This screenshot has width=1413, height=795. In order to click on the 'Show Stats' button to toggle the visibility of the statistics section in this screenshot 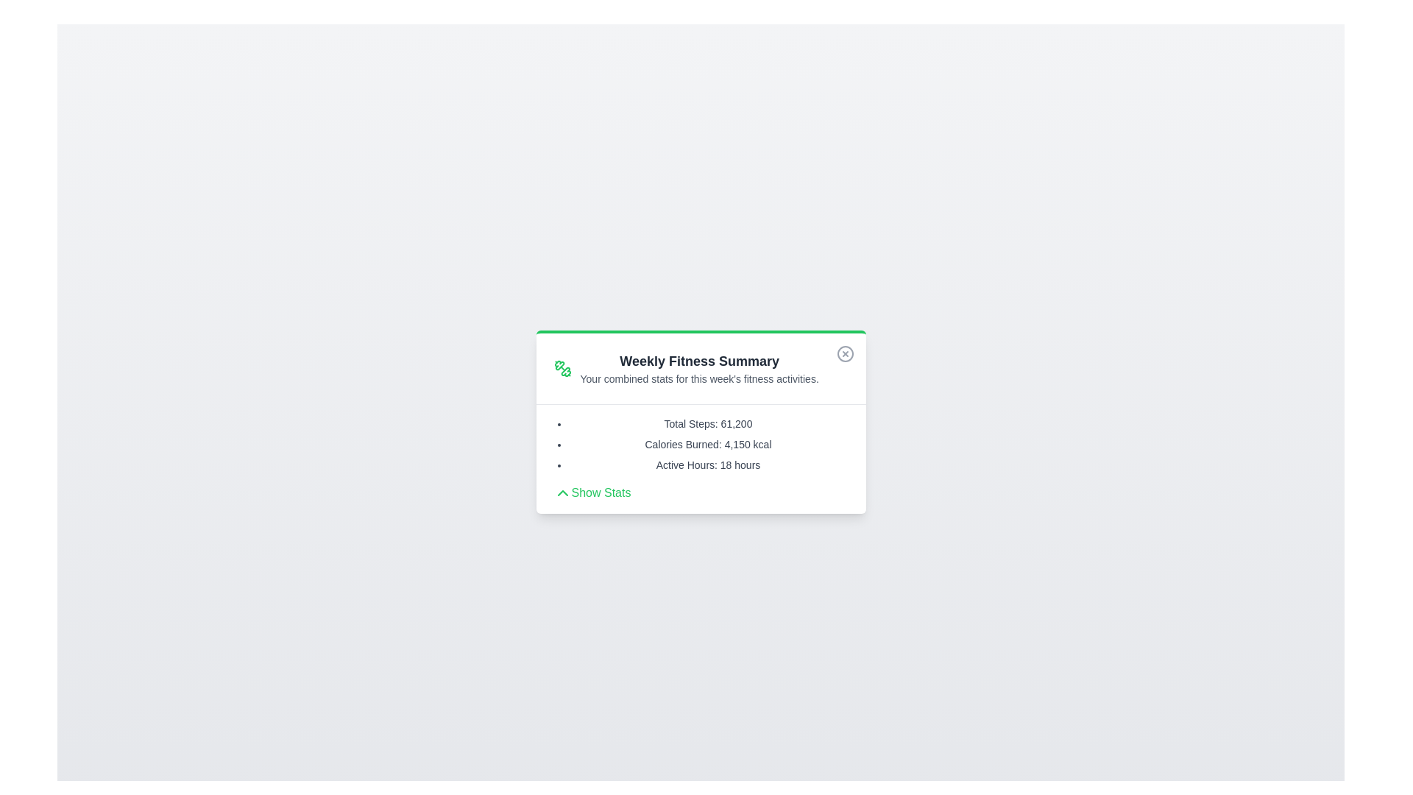, I will do `click(592, 492)`.